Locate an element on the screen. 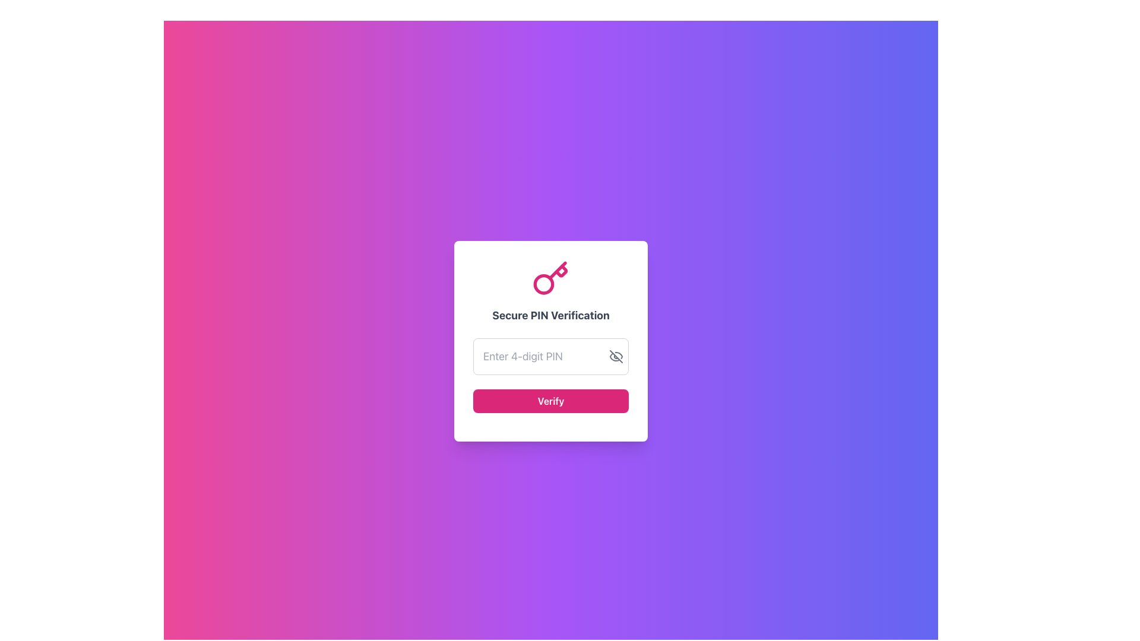 The width and height of the screenshot is (1140, 641). the decorative circular element located at the center of the key-shaped icon in the header of the modal dialog is located at coordinates (543, 284).